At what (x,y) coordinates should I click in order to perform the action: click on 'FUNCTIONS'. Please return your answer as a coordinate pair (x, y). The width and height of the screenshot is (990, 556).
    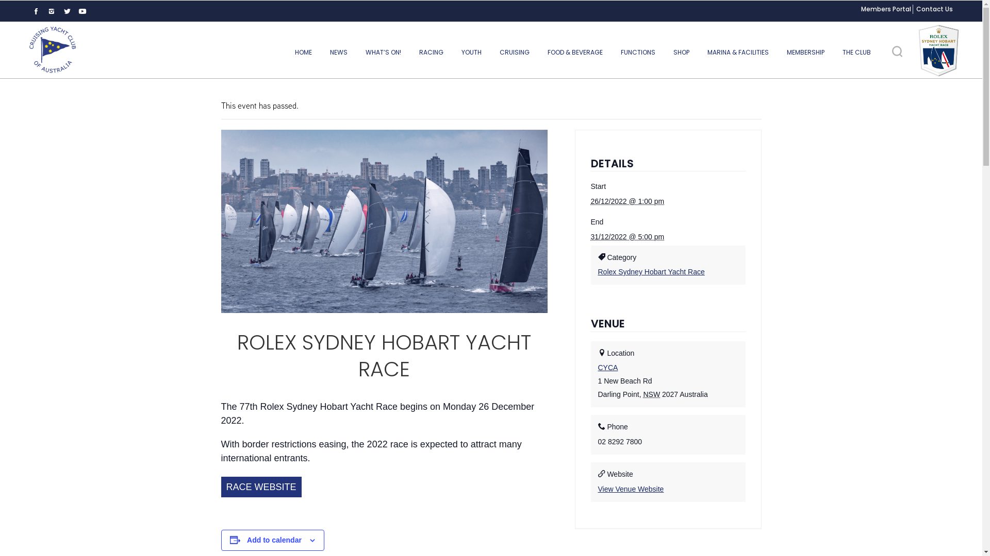
    Looking at the image, I should click on (637, 52).